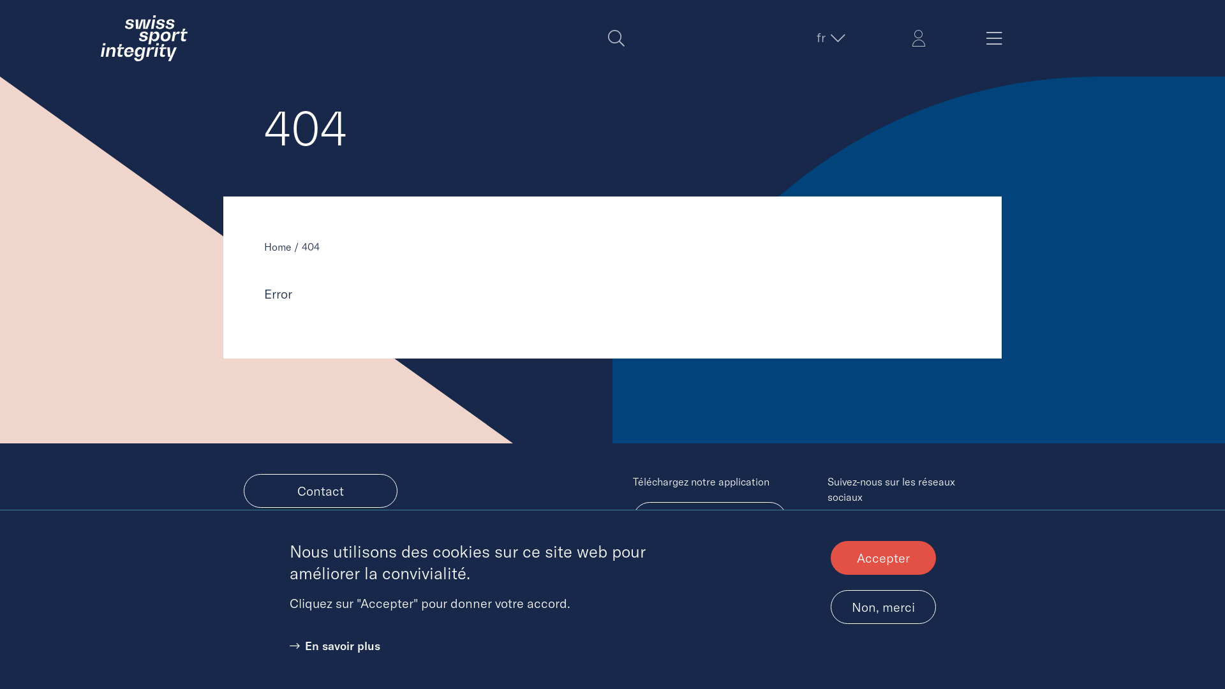  Describe the element at coordinates (993, 38) in the screenshot. I see `'Menu'` at that location.